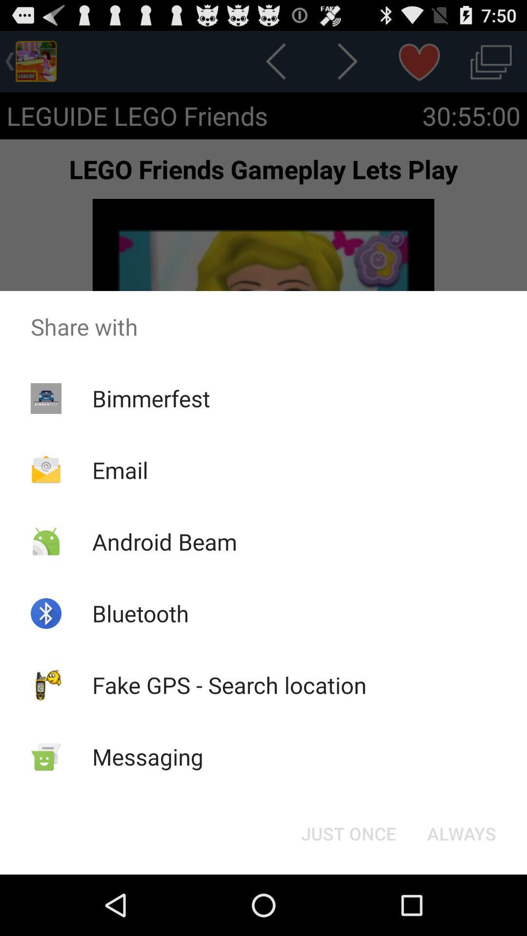 This screenshot has width=527, height=936. What do you see at coordinates (141, 613) in the screenshot?
I see `the bluetooth` at bounding box center [141, 613].